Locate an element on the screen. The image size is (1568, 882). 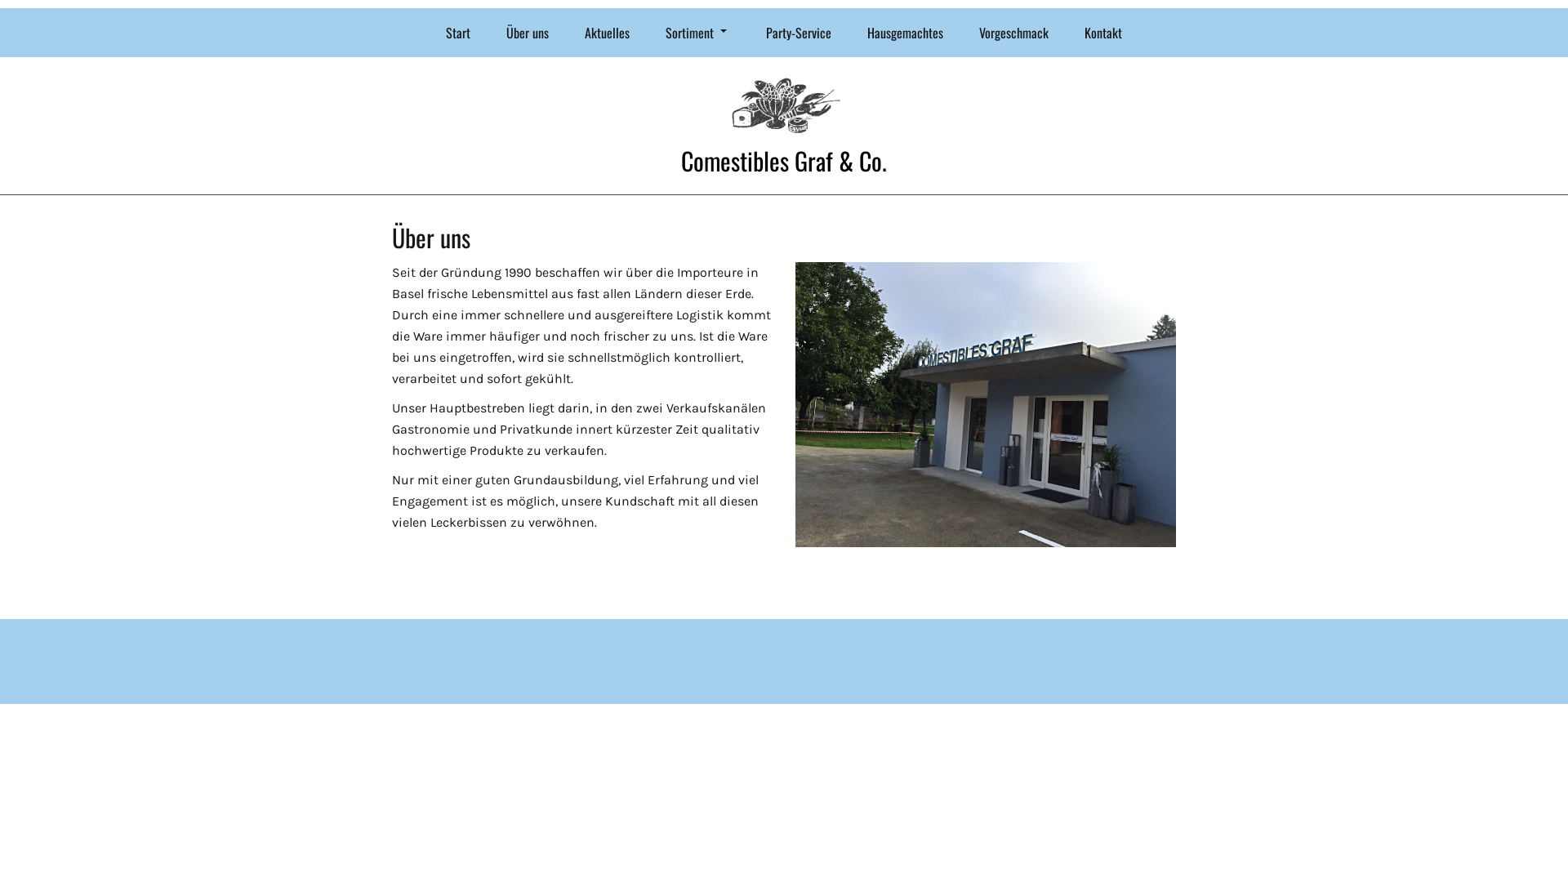
'Kontakt' is located at coordinates (1068, 32).